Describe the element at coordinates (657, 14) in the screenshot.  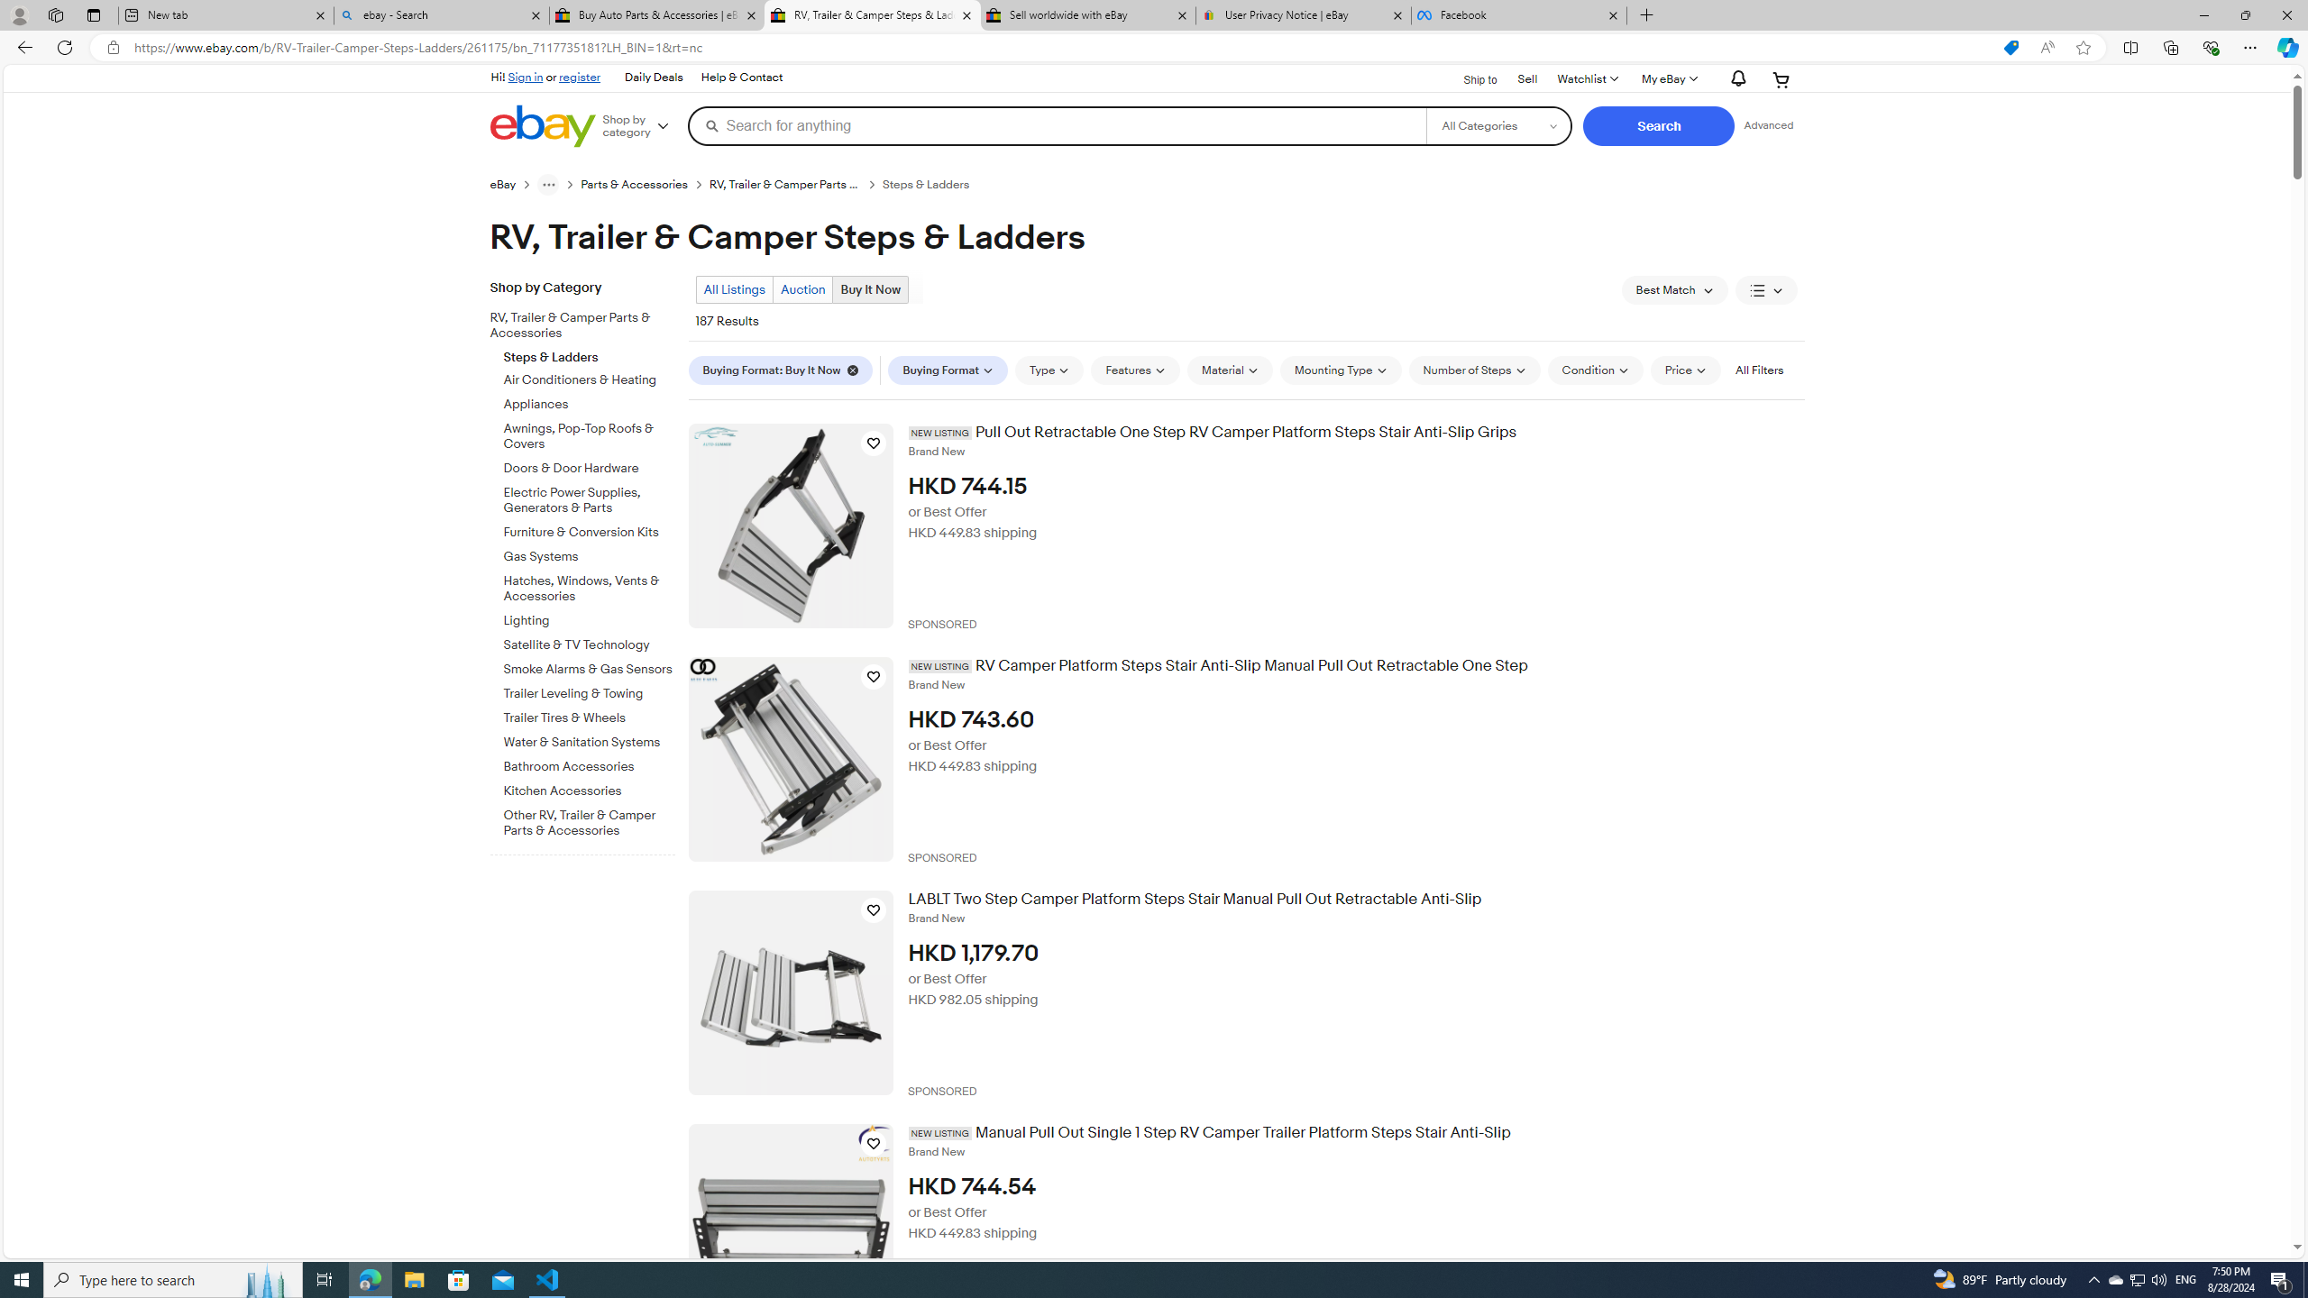
I see `'Buy Auto Parts & Accessories | eBay'` at that location.